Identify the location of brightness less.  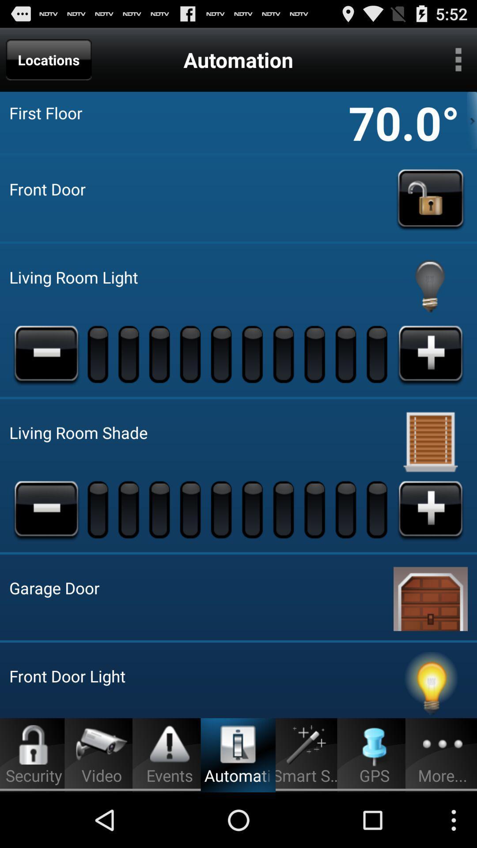
(46, 354).